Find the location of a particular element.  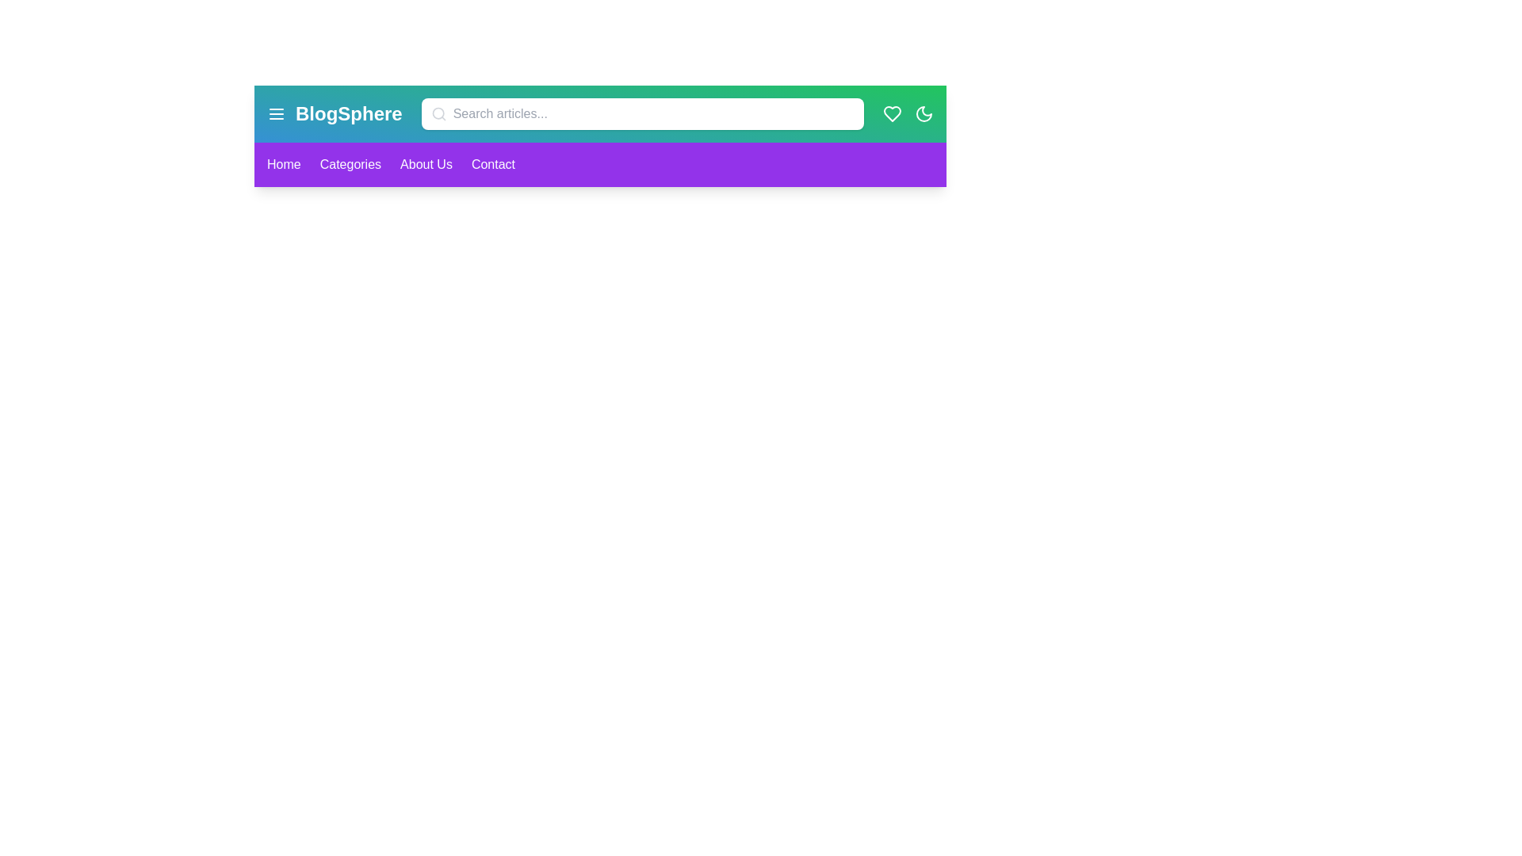

the 'About Us' link in the navigation bar is located at coordinates (426, 165).